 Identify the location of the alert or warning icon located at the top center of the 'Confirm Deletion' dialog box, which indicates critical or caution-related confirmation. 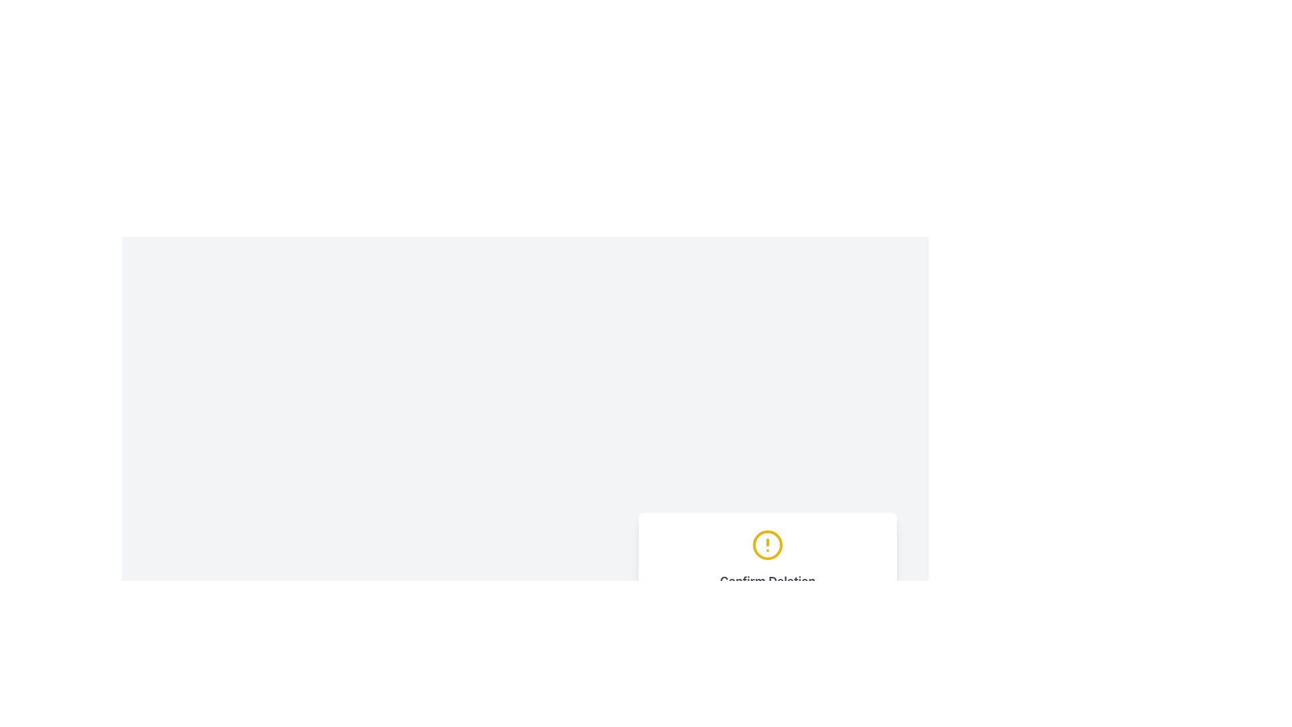
(768, 545).